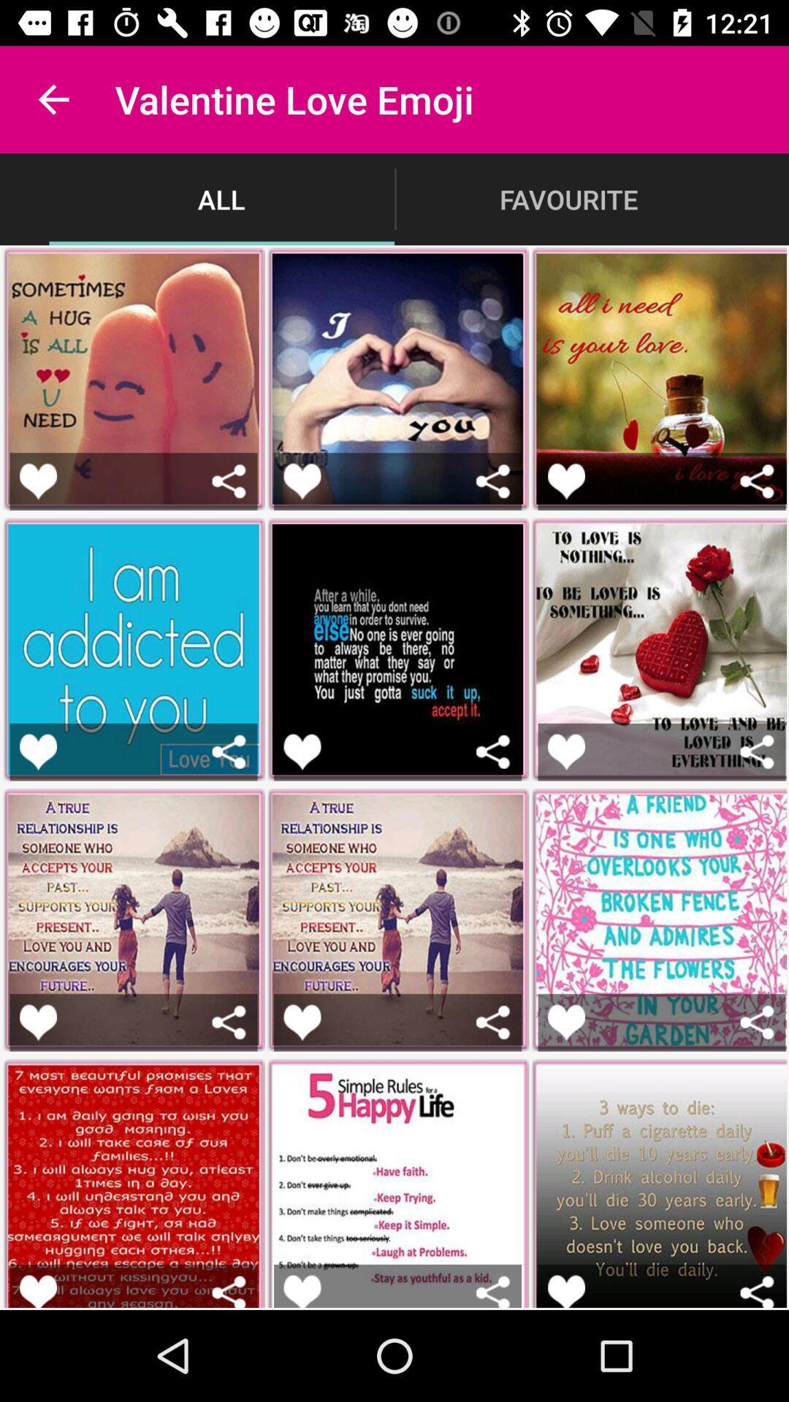 The width and height of the screenshot is (789, 1402). Describe the element at coordinates (756, 481) in the screenshot. I see `share picture` at that location.